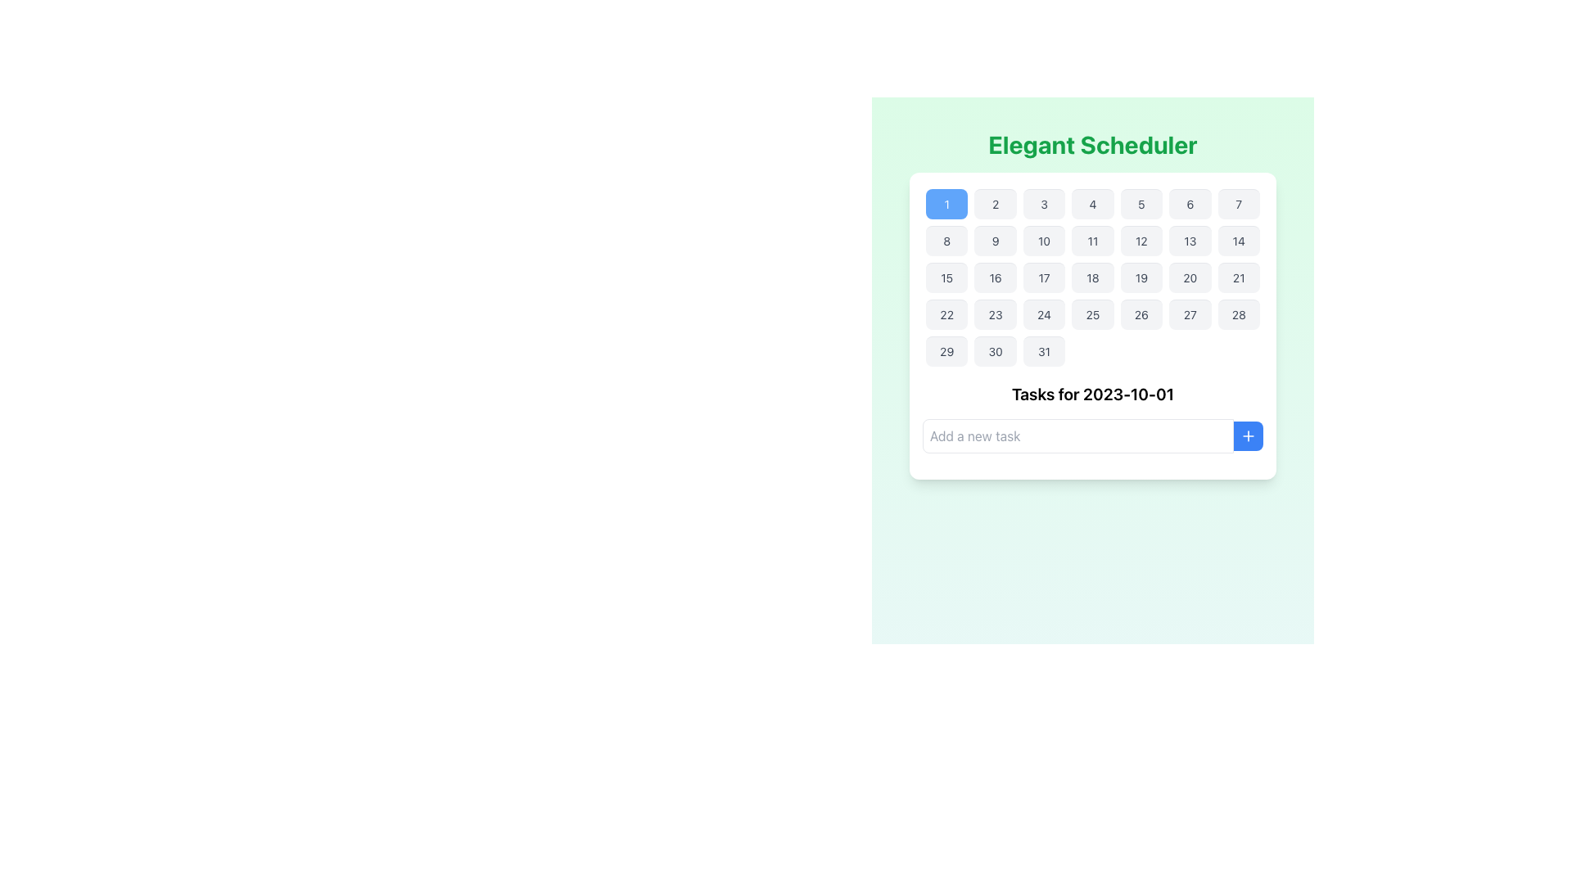 Image resolution: width=1572 pixels, height=884 pixels. I want to click on the rounded rectangular button with a gray background displaying the number '15', so click(946, 277).